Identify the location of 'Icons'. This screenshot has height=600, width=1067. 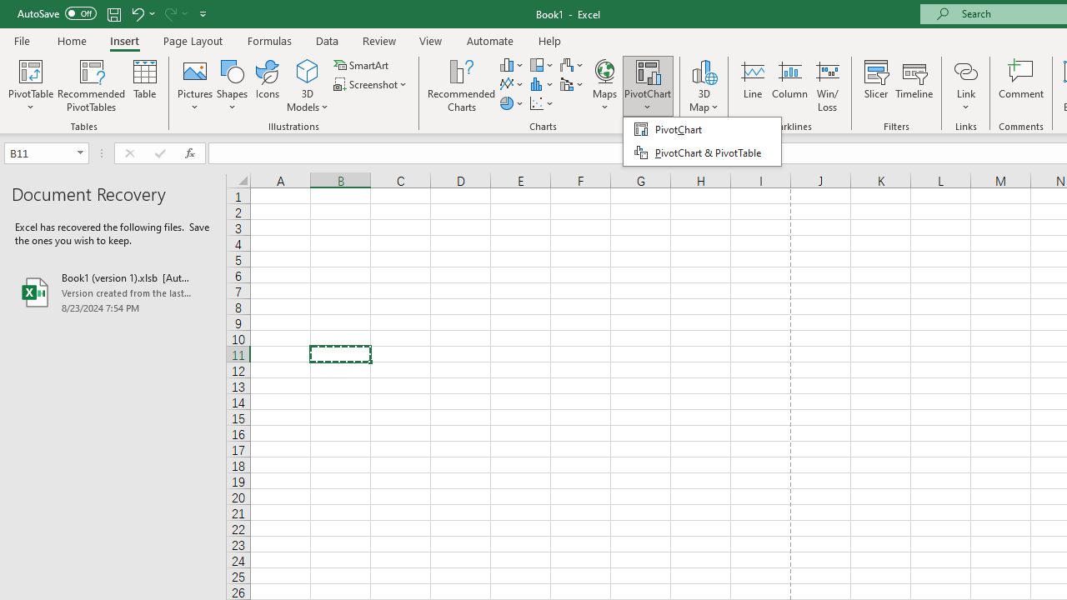
(267, 86).